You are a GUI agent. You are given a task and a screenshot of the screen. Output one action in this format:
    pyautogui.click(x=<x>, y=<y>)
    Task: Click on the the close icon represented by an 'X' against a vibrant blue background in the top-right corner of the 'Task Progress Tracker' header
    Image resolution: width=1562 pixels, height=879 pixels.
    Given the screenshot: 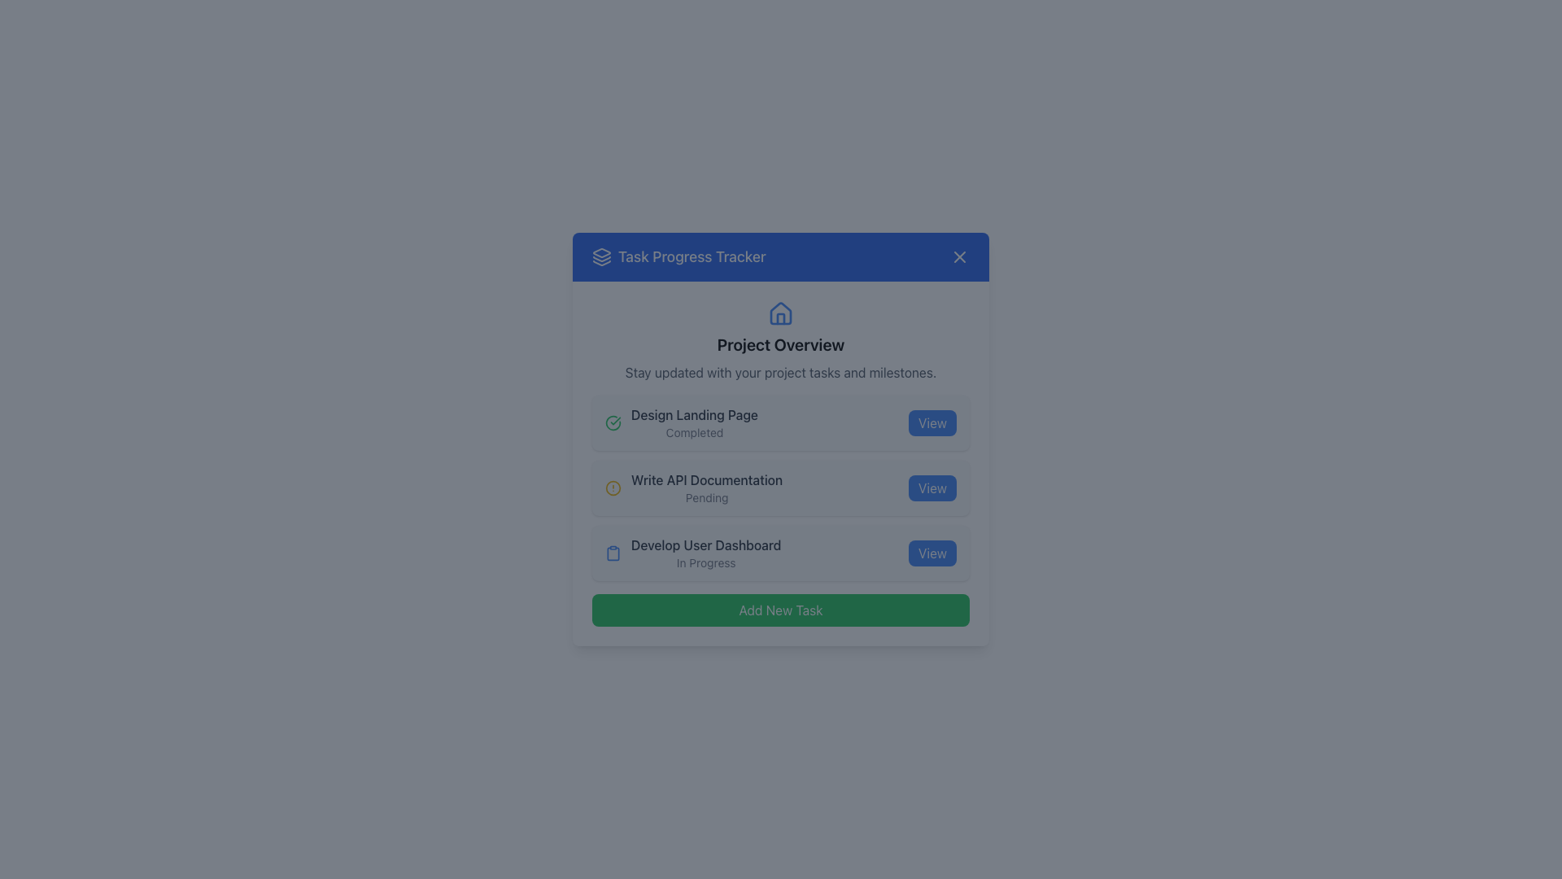 What is the action you would take?
    pyautogui.click(x=960, y=256)
    